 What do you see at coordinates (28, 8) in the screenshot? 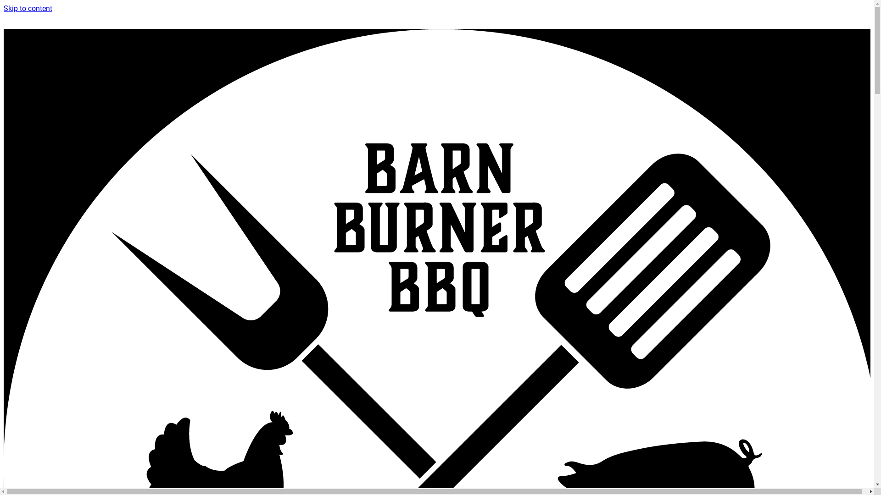
I see `'Skip to content'` at bounding box center [28, 8].